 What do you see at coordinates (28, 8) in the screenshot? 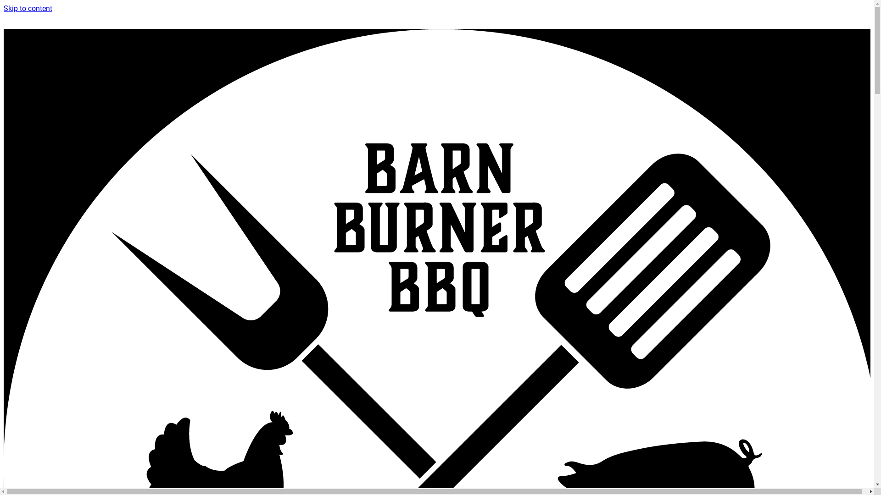
I see `'Skip to content'` at bounding box center [28, 8].